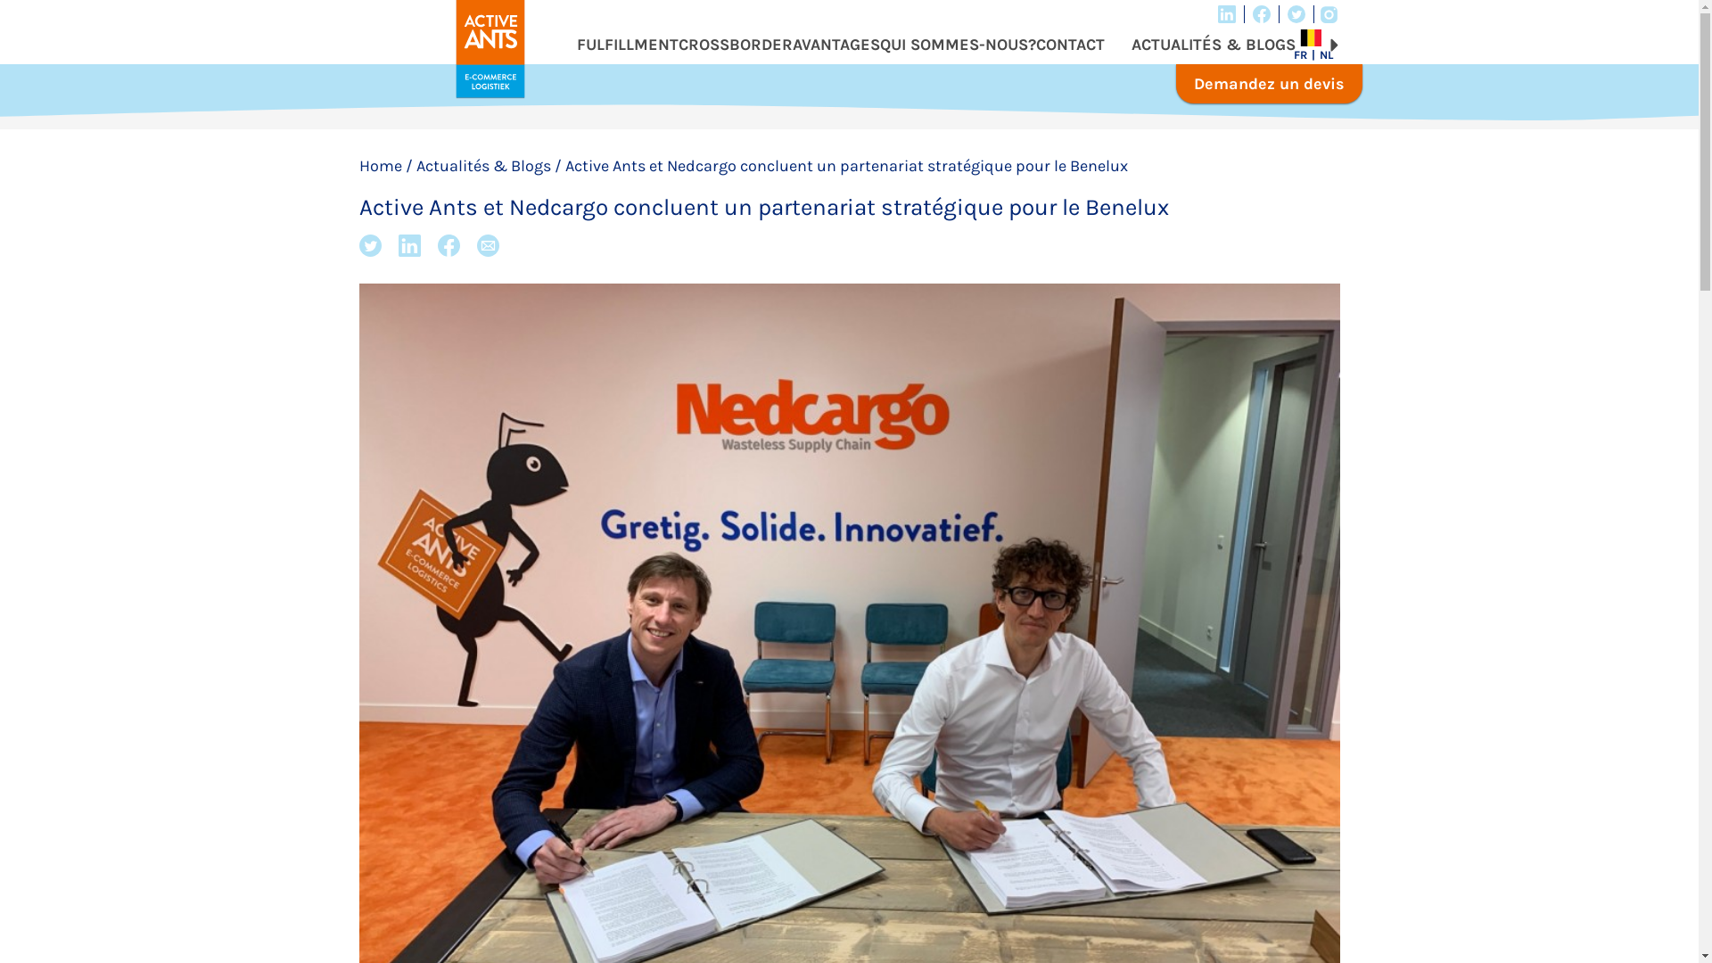 The width and height of the screenshot is (1712, 963). I want to click on 'CROSSBORDER', so click(735, 44).